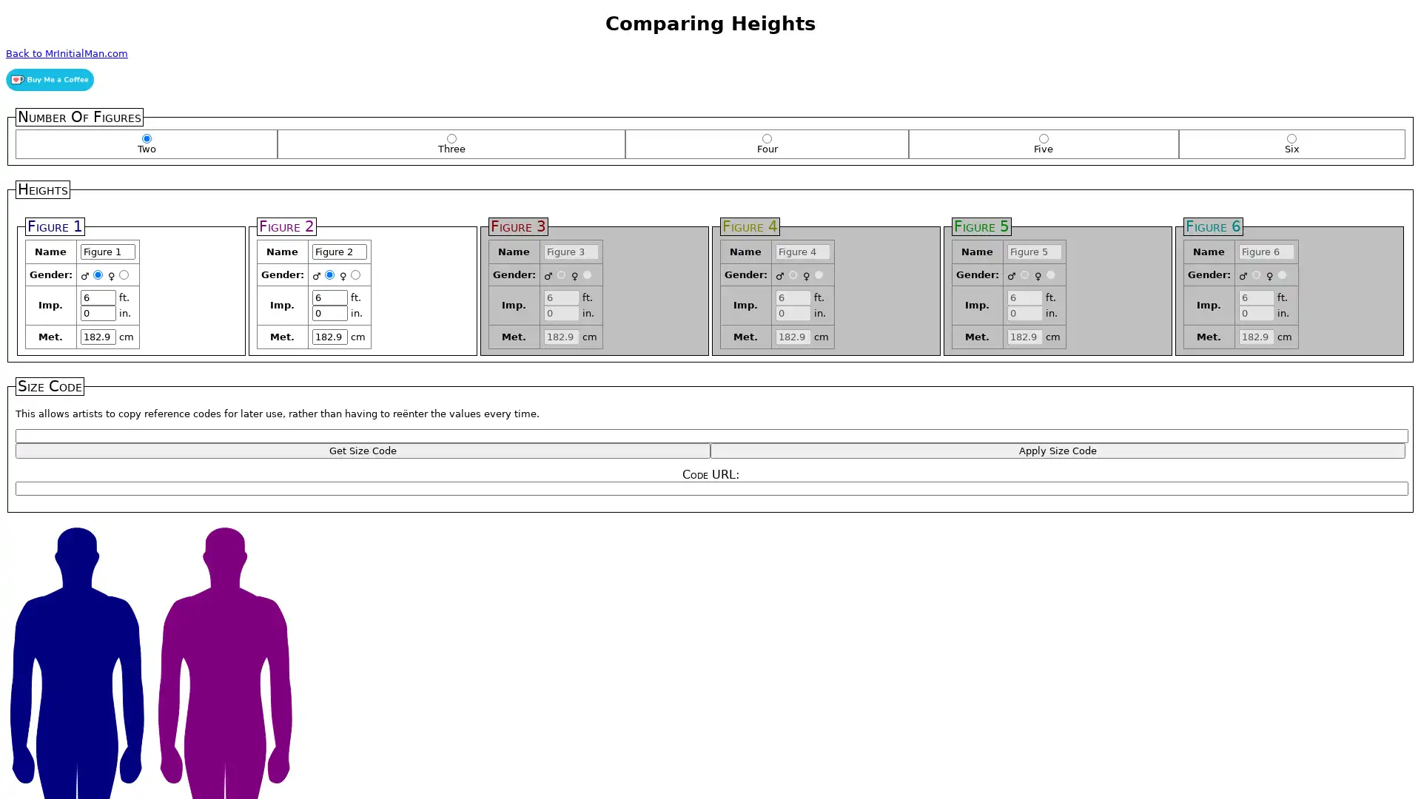 This screenshot has height=799, width=1421. Describe the element at coordinates (1057, 450) in the screenshot. I see `Apply Size Code` at that location.